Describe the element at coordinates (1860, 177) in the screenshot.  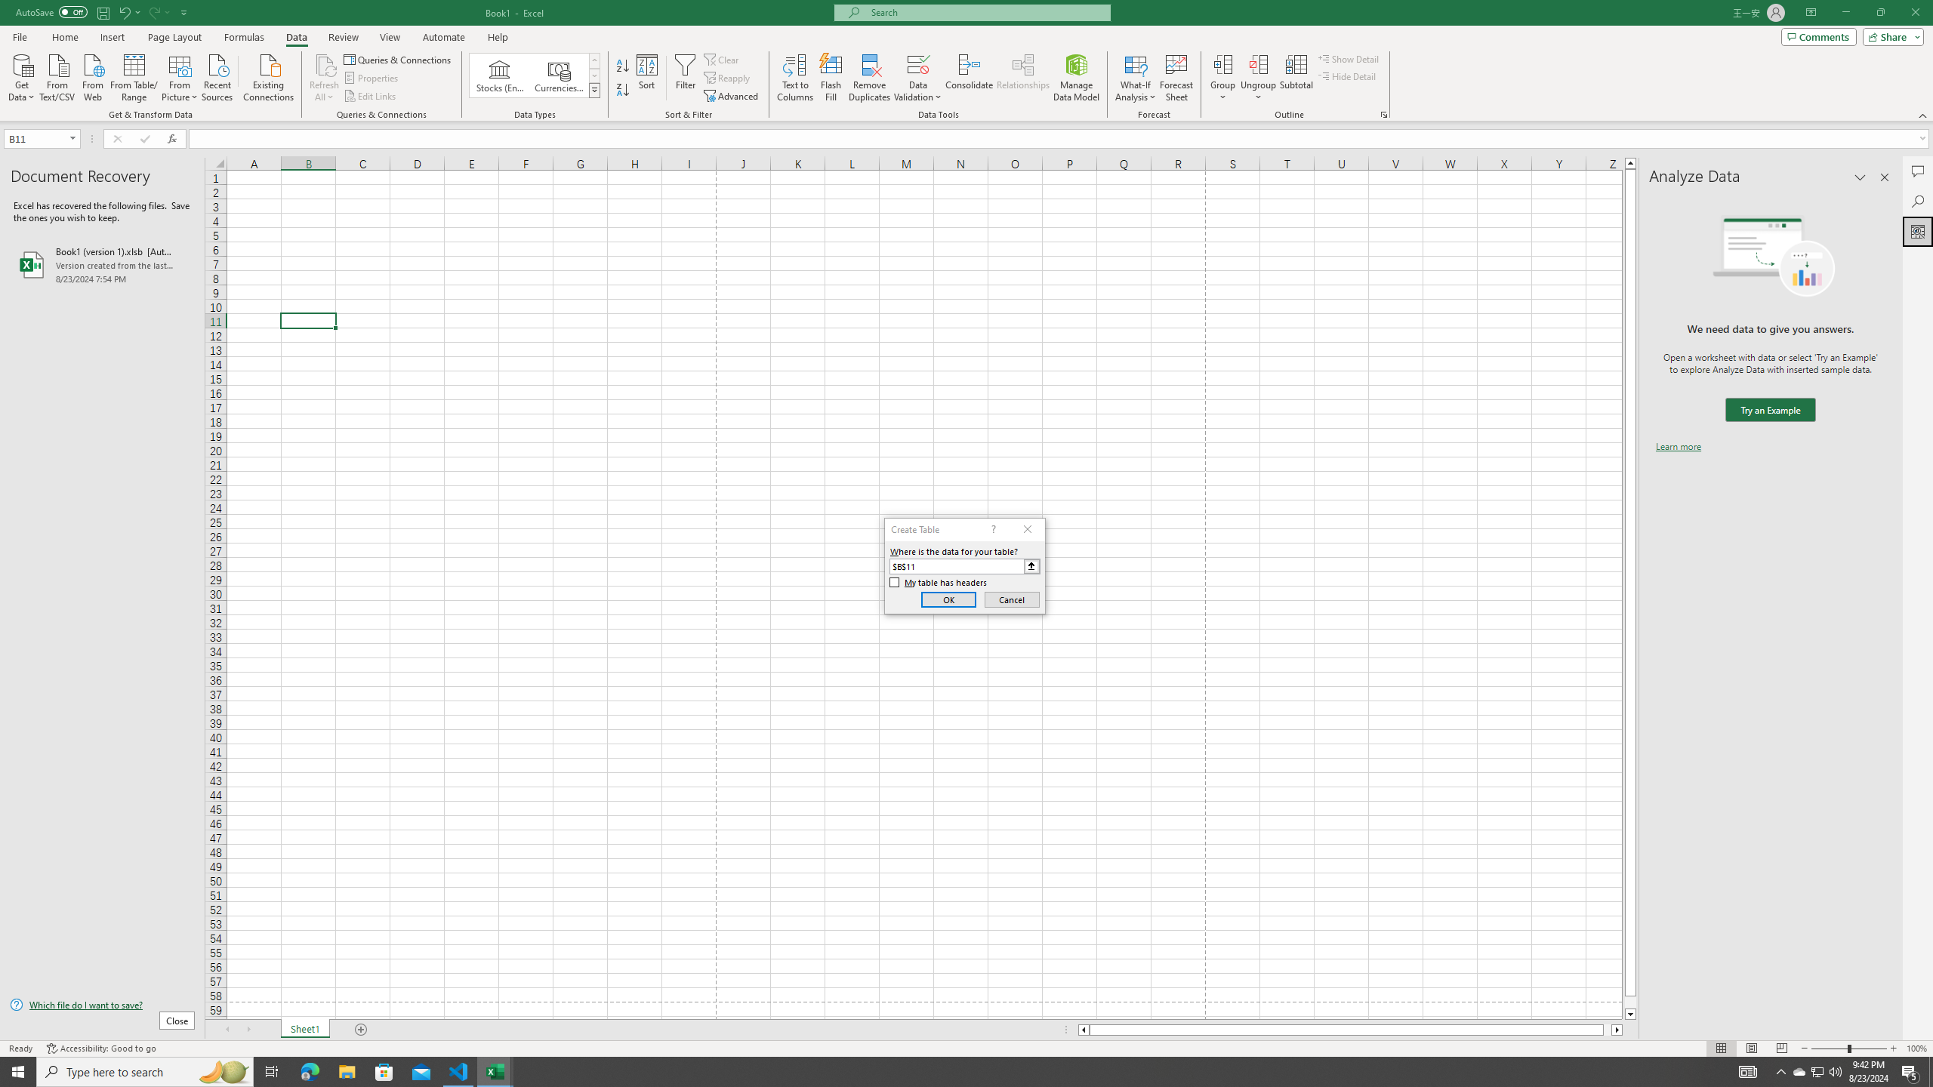
I see `'Task Pane Options'` at that location.